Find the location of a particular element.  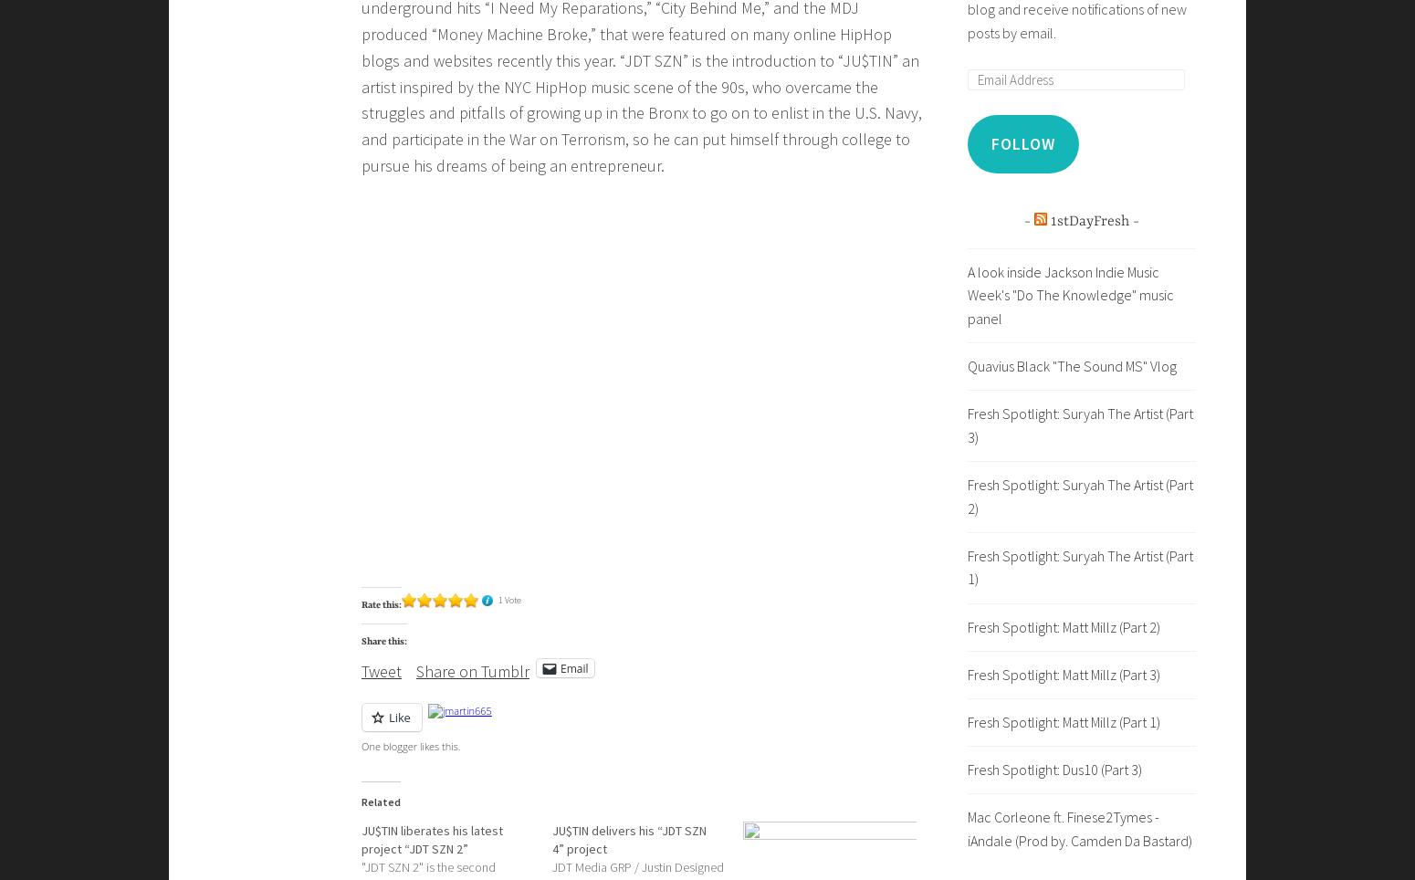

'Tweet' is located at coordinates (362, 670).